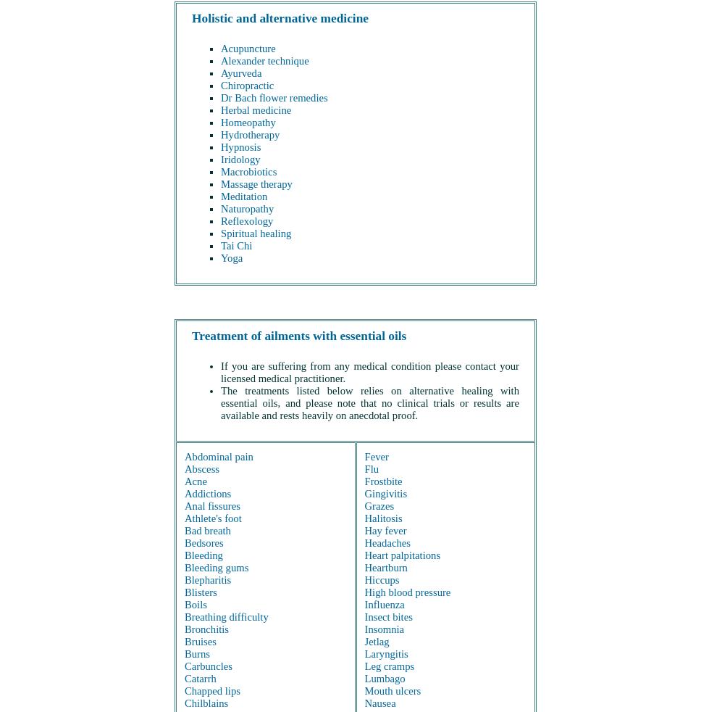 The image size is (709, 712). I want to click on 'Dr Bach flower remedies', so click(274, 97).